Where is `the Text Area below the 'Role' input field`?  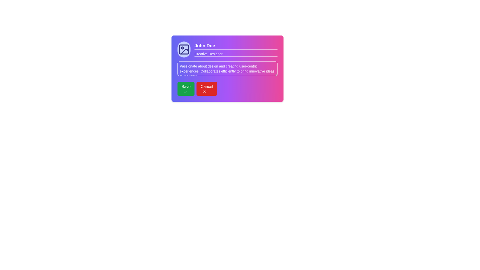 the Text Area below the 'Role' input field is located at coordinates (227, 68).